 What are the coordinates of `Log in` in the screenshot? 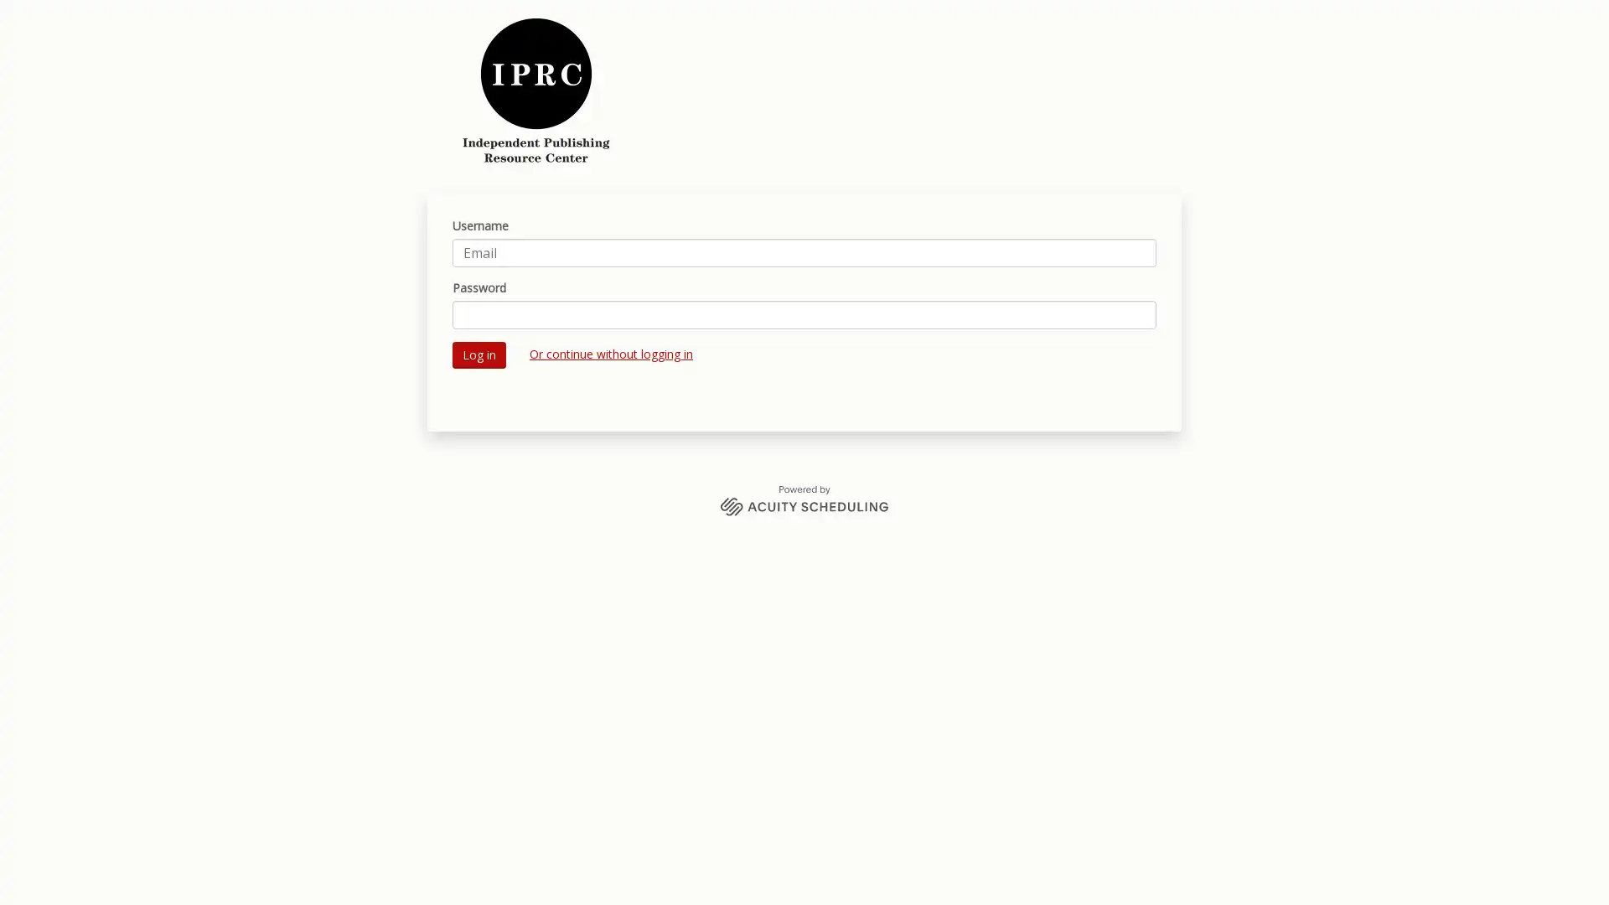 It's located at (478, 354).